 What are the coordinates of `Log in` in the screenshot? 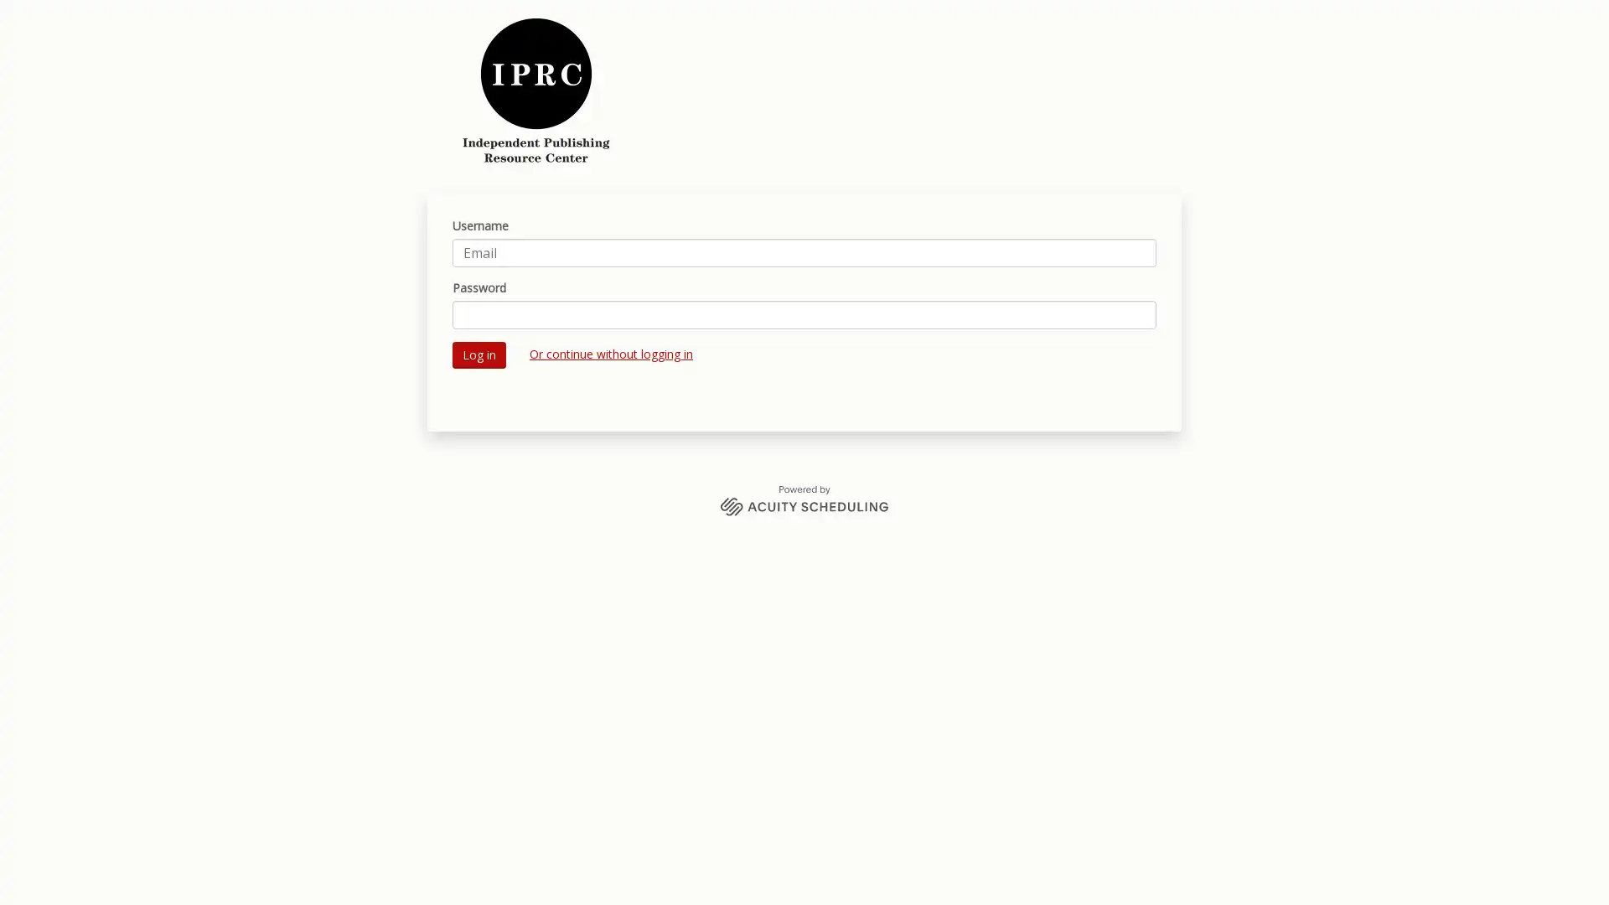 It's located at (478, 354).